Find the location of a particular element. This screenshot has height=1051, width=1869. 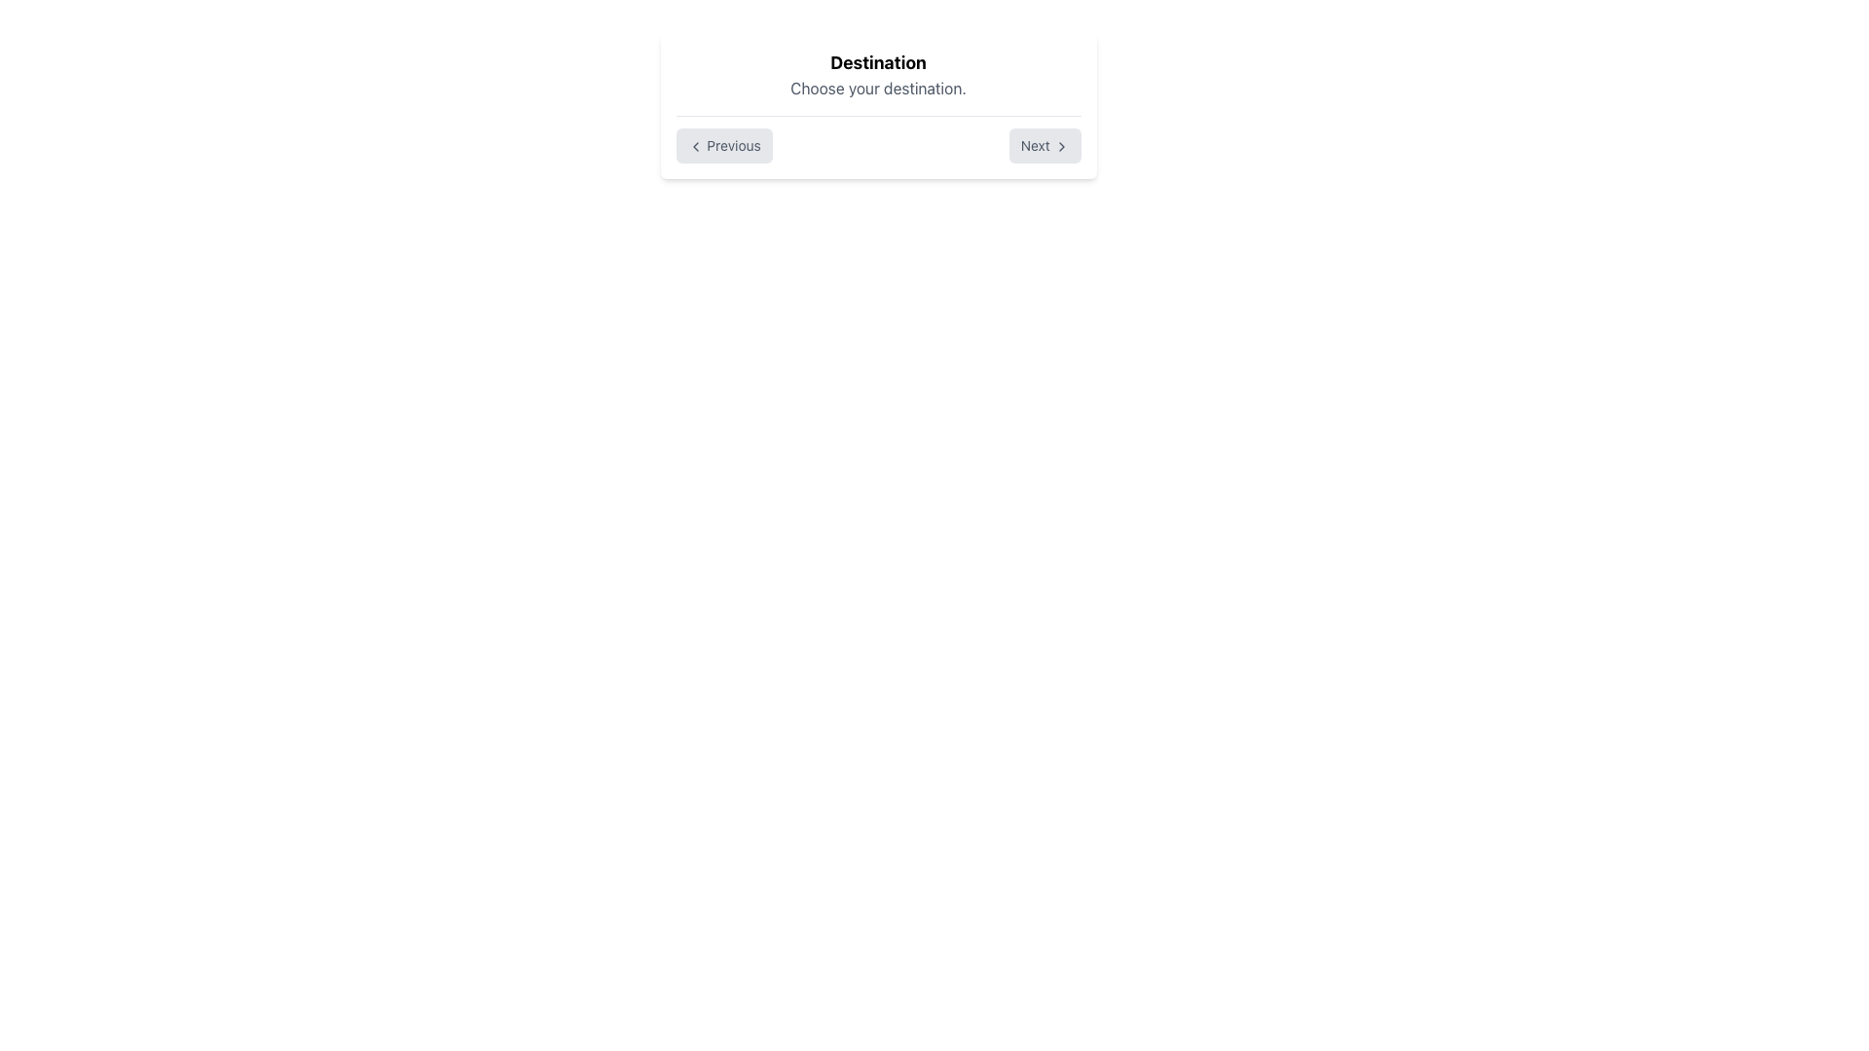

the chevron icon located inside the 'Next' button on the lower-right of the panel under the header 'Destination' is located at coordinates (1060, 146).